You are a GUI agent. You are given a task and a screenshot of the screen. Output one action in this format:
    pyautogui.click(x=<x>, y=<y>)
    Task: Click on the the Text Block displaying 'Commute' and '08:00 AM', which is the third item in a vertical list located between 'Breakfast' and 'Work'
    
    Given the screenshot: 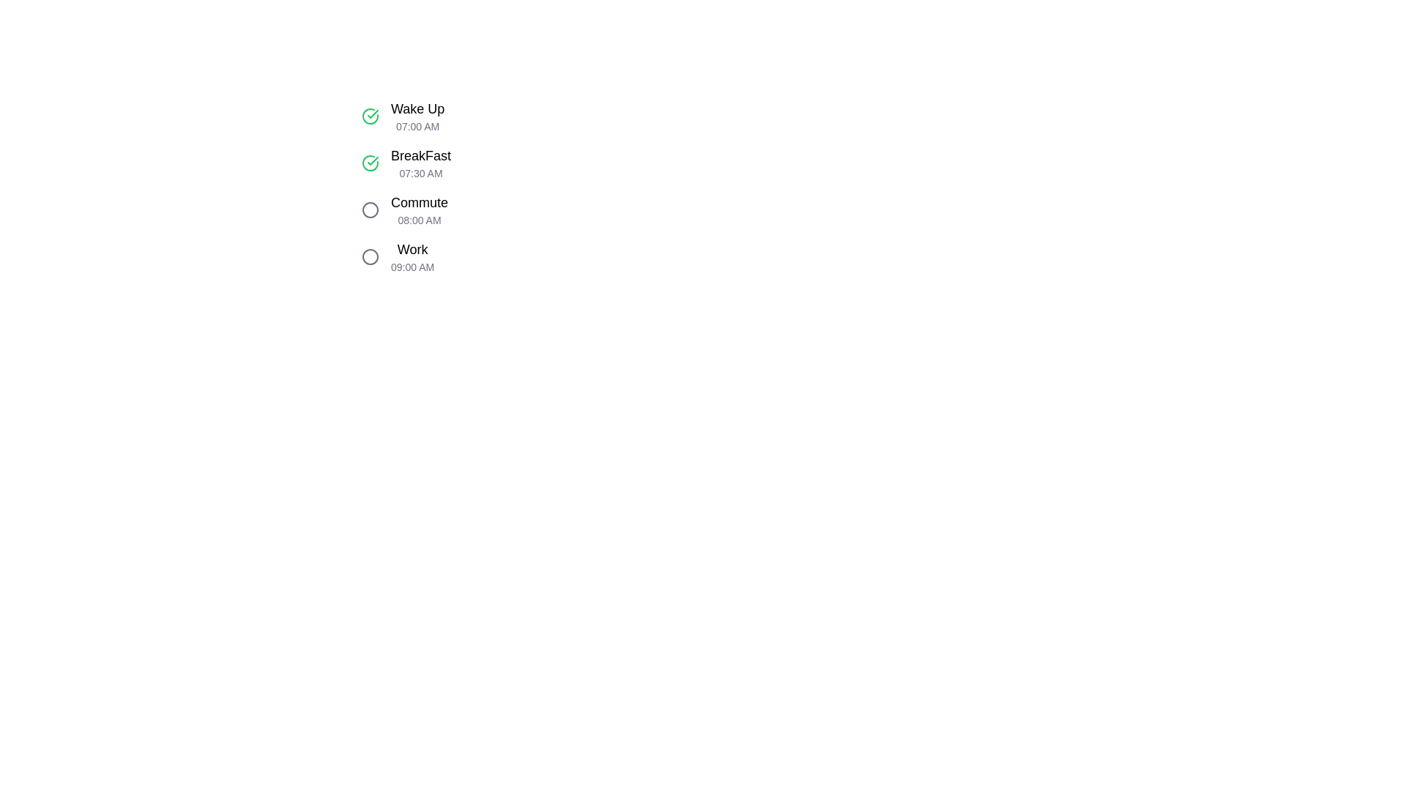 What is the action you would take?
    pyautogui.click(x=418, y=209)
    